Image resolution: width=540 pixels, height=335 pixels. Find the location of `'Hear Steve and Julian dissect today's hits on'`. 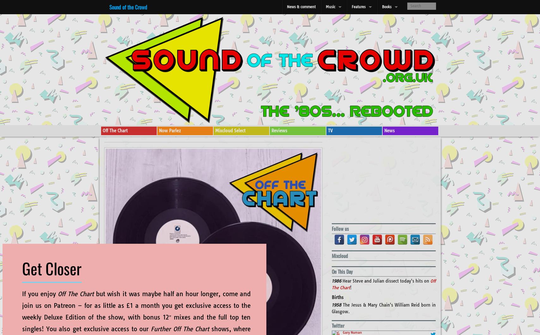

'Hear Steve and Julian dissect today's hits on' is located at coordinates (386, 280).